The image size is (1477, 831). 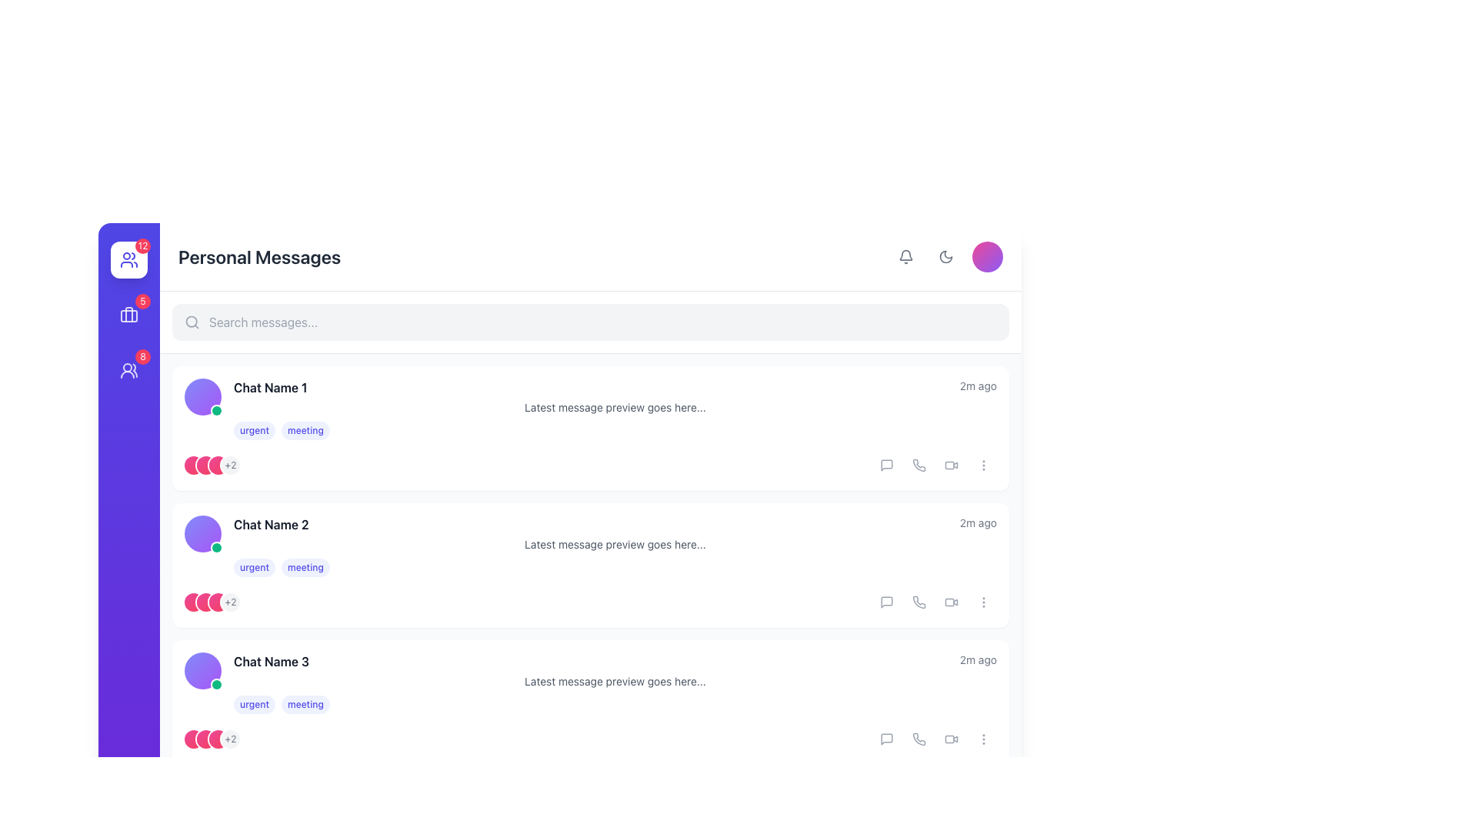 I want to click on the search icon element, which is represented by a gray magnifying glass icon positioned to the left within the search bar field at the top of the main content area, so click(x=191, y=322).